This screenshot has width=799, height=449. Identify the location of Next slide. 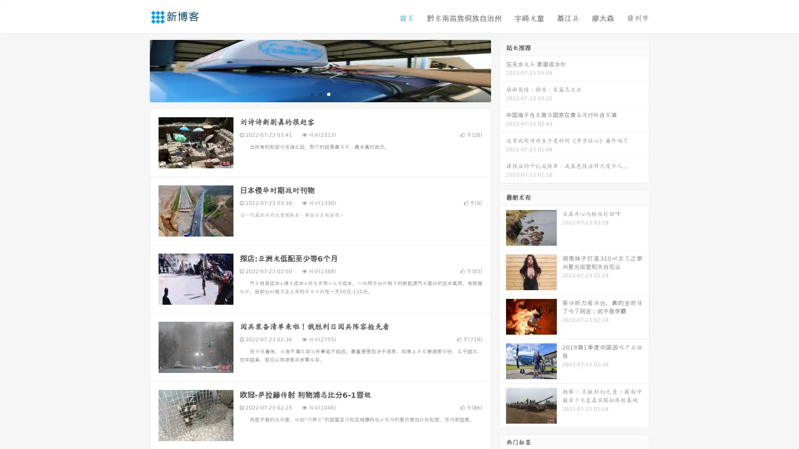
(503, 70).